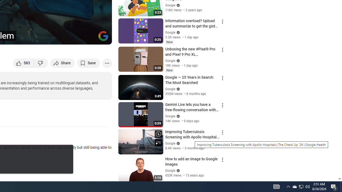  Describe the element at coordinates (102, 38) in the screenshot. I see `'Full screen (f)'` at that location.